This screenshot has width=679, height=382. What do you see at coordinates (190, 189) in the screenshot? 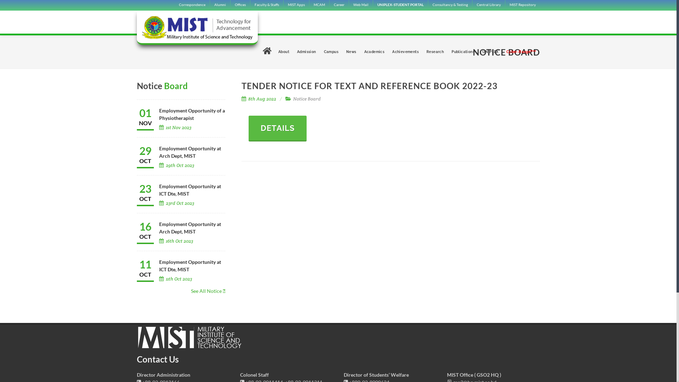
I see `'Employment Opportunity at ICT Dte, MIST'` at bounding box center [190, 189].